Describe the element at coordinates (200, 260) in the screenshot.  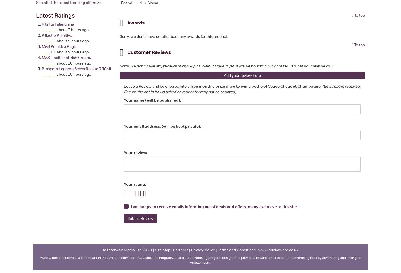
I see `'www.winesdirect.com ﻿﻿is a participant in the Amazon Services LLC Associates Program, an affiliate advertising program designed to provide a means for sites to earn advertising fees by advertising and linking to Amazon.com.'` at that location.